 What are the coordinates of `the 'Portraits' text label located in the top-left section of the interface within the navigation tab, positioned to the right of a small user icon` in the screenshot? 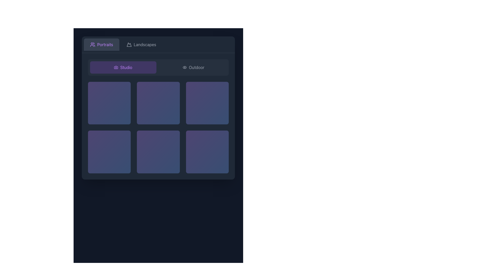 It's located at (105, 44).